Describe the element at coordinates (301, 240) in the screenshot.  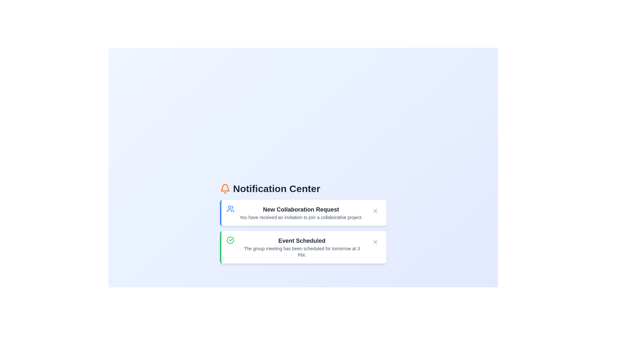
I see `the text label that serves as the title of the second notification card in the notification center, summarizing the scheduled event` at that location.